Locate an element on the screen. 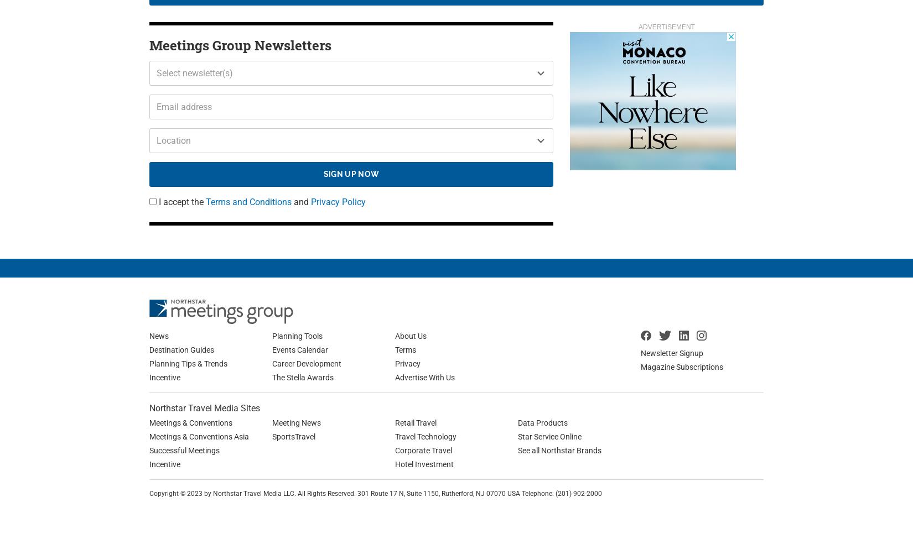 The image size is (913, 539). 'Star Service Online' is located at coordinates (549, 436).